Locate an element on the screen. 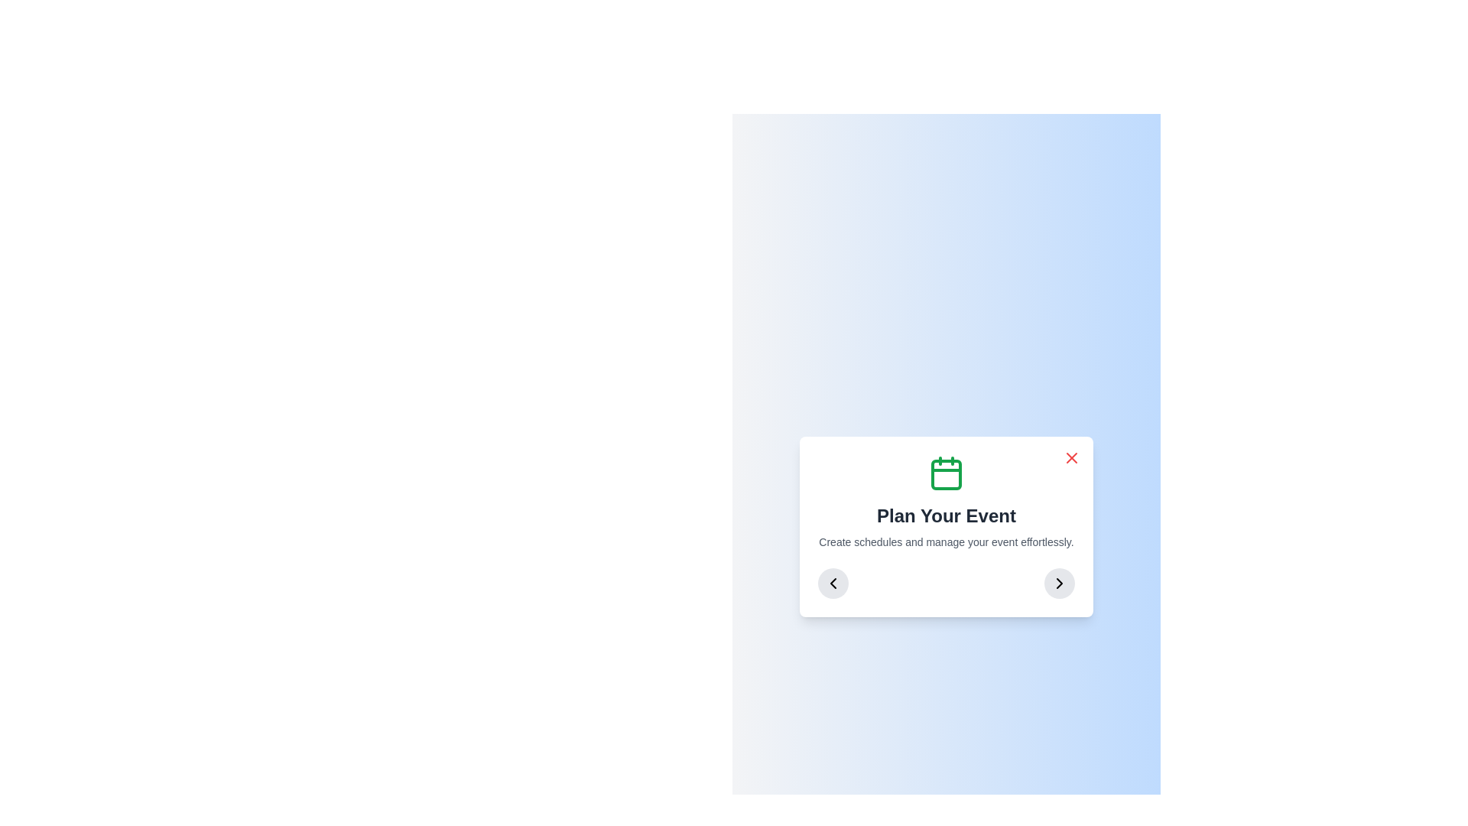  the text element that reads 'Plan Your Event', which is styled in bold and large font, located centrally below a green calendar icon and above a smaller descriptive text block is located at coordinates (946, 516).